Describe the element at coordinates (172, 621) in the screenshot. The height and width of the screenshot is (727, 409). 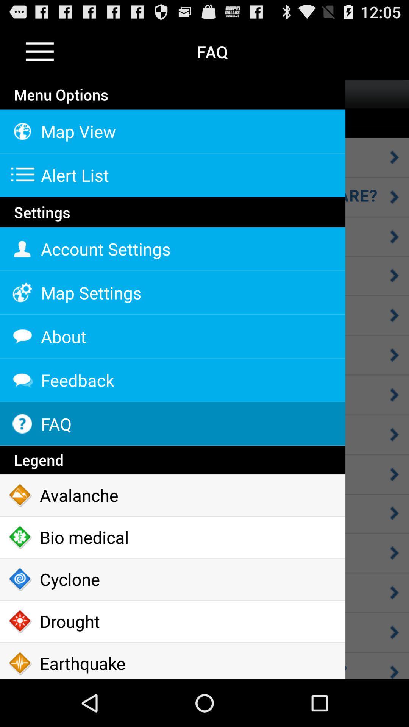
I see `the app below the cyclone item` at that location.